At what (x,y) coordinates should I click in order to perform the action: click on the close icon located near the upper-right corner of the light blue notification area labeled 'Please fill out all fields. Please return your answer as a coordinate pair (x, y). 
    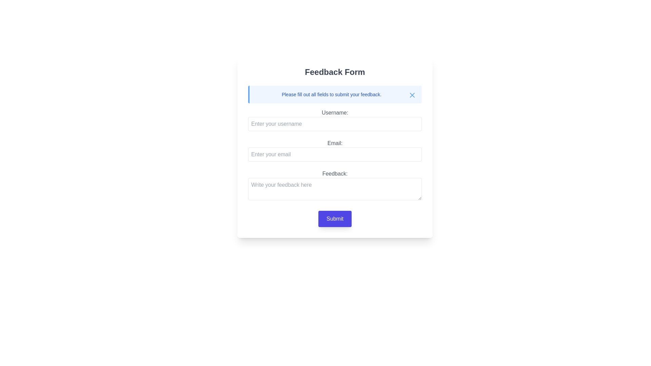
    Looking at the image, I should click on (412, 95).